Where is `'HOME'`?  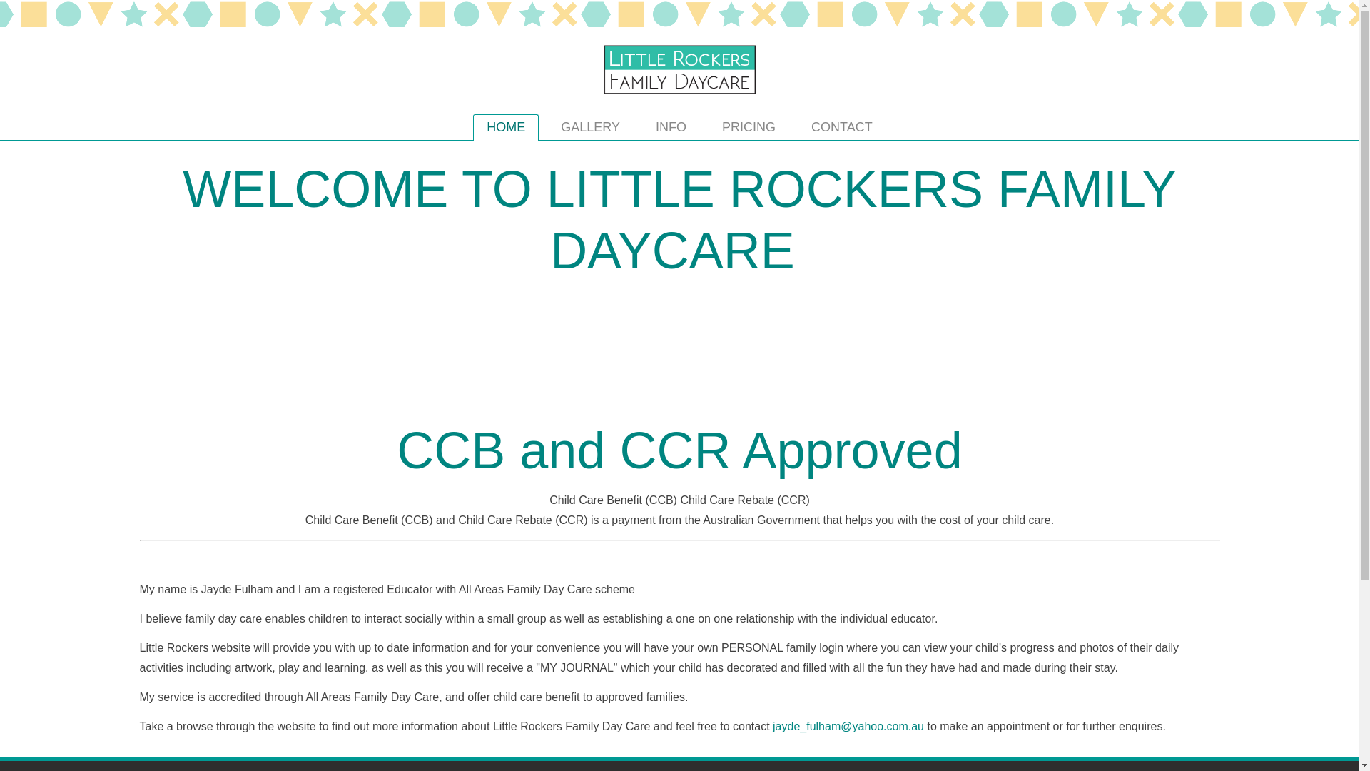 'HOME' is located at coordinates (506, 126).